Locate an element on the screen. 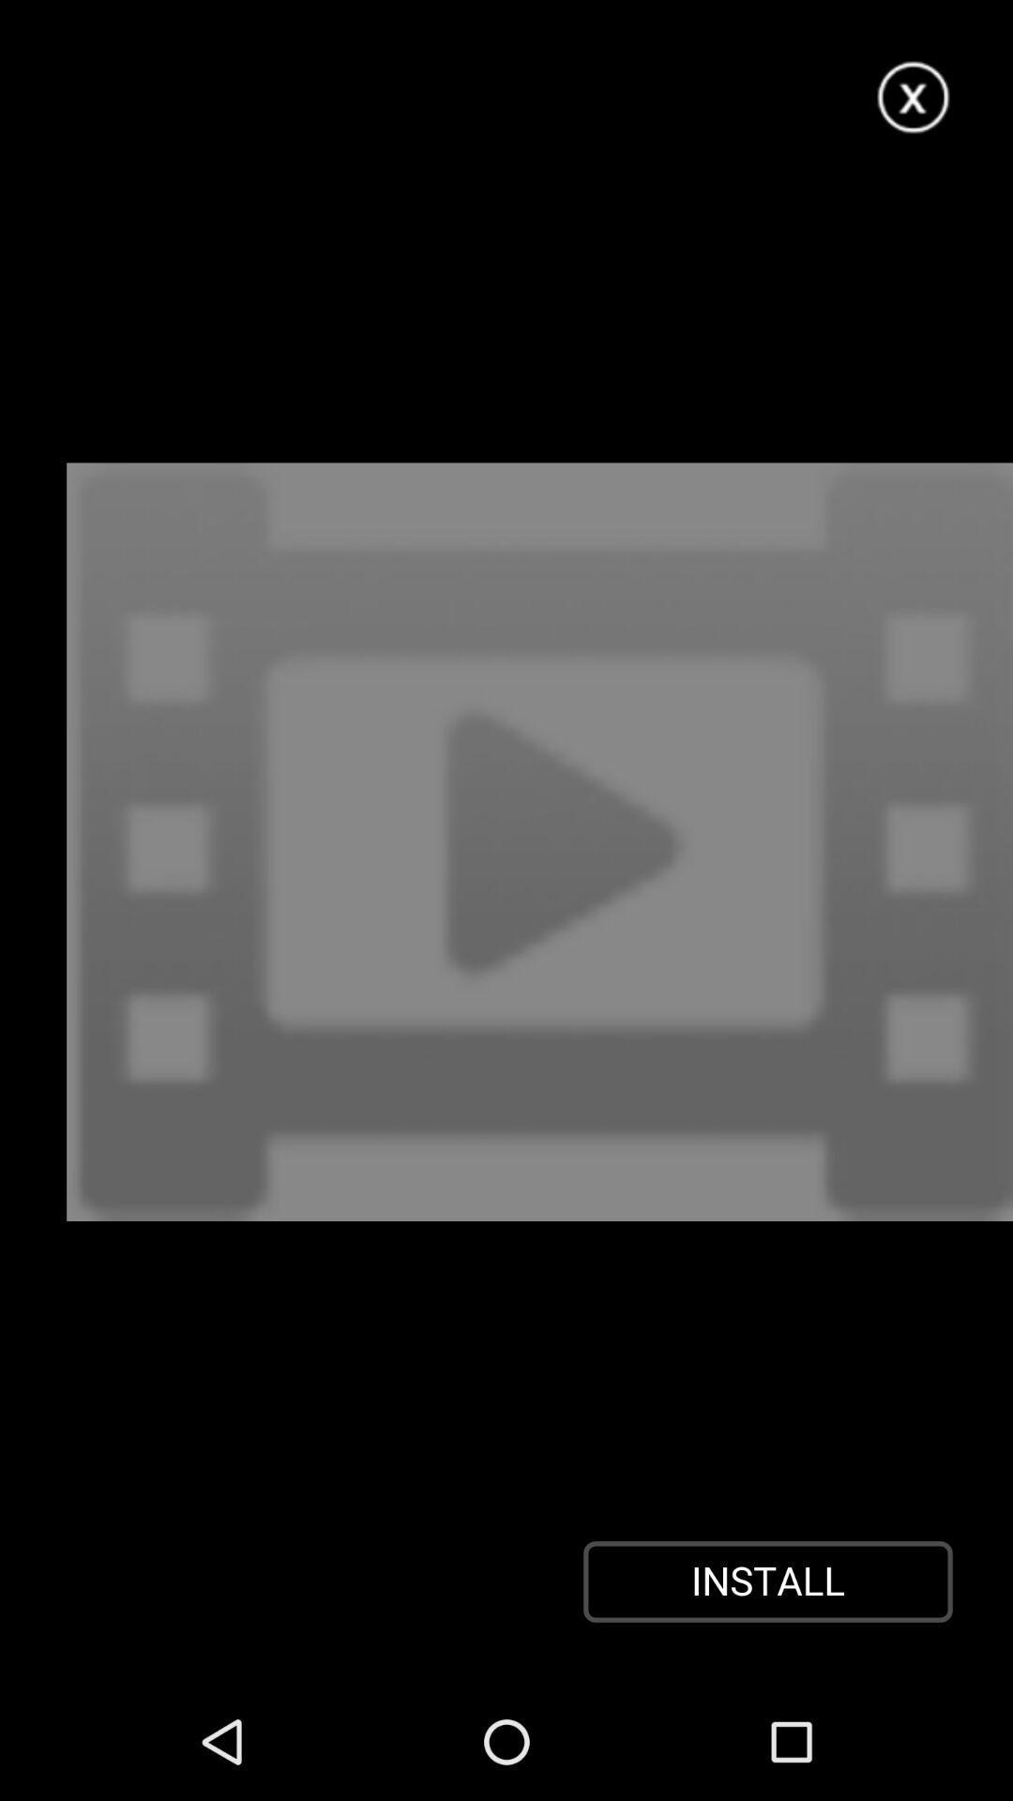 This screenshot has height=1801, width=1013. the close icon is located at coordinates (914, 104).